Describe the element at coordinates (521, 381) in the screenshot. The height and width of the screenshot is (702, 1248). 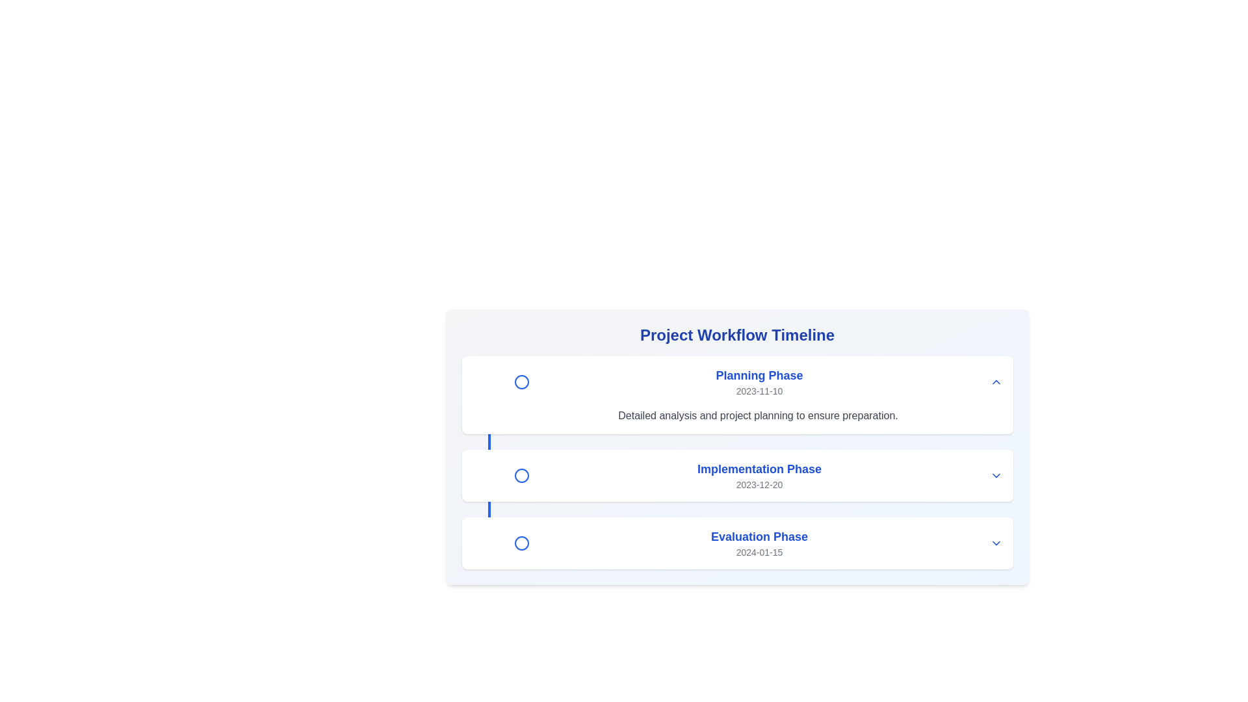
I see `the status of the planning phase icon located to the left of the 'Planning Phase' label and its date in the timeline` at that location.